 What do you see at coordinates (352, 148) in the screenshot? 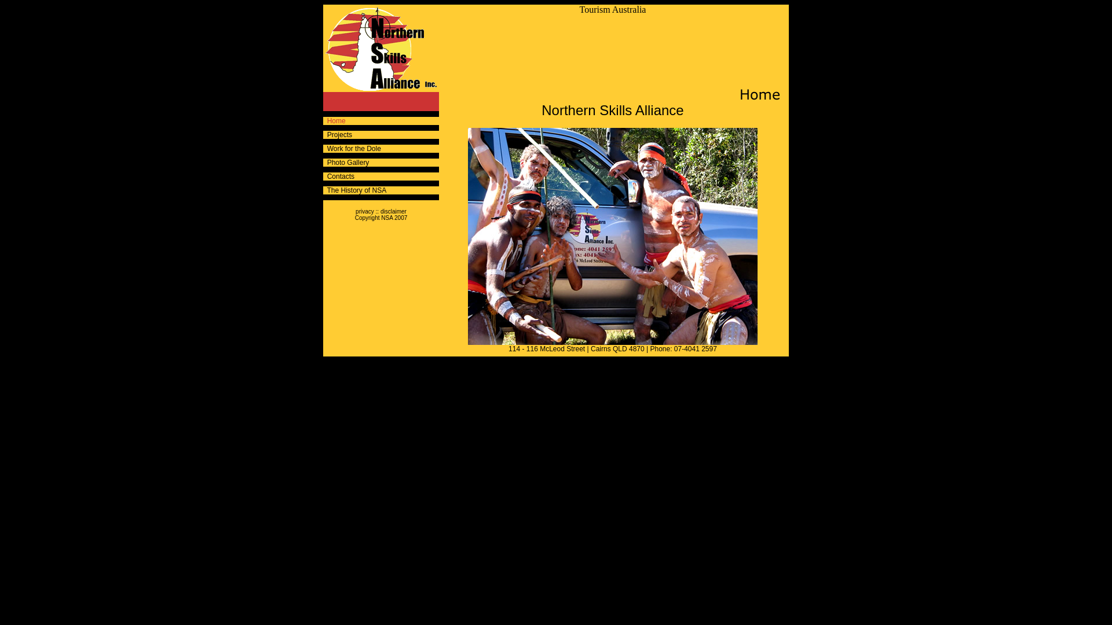
I see `'  Work for the Dole'` at bounding box center [352, 148].